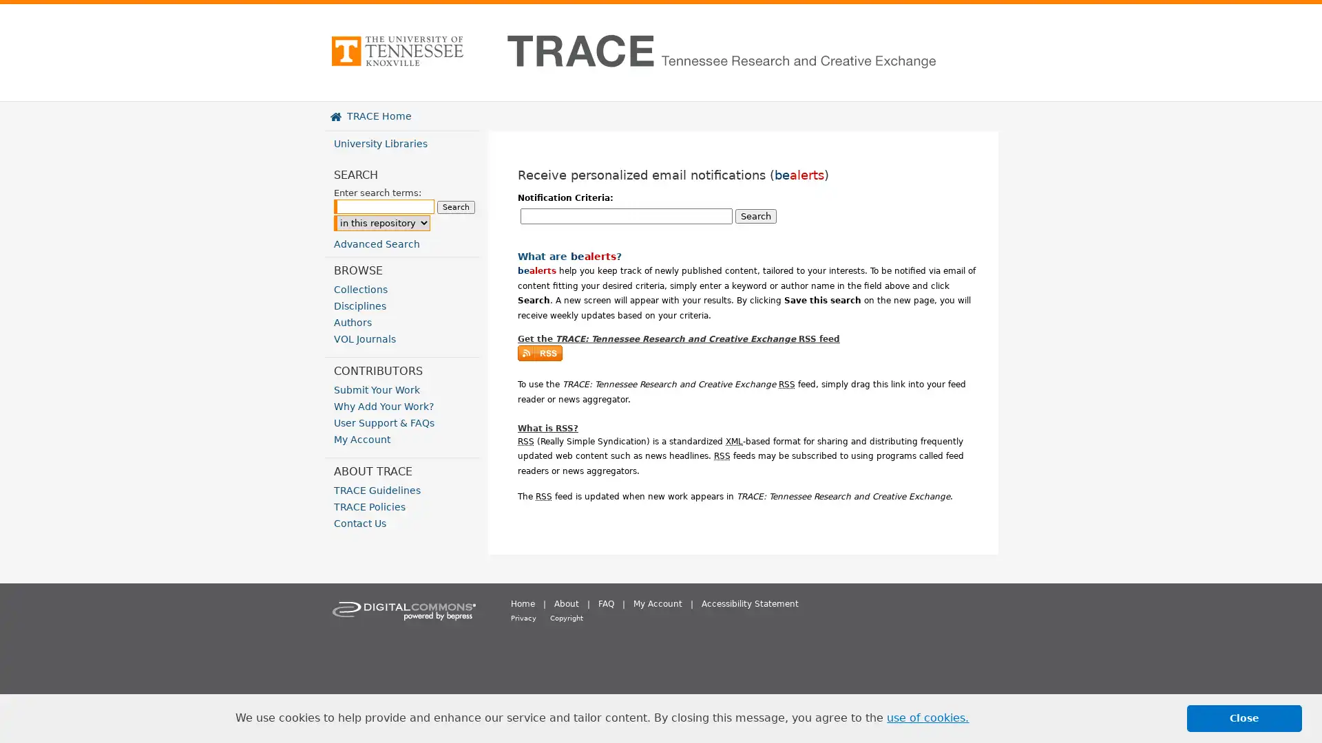 The height and width of the screenshot is (743, 1322). Describe the element at coordinates (927, 718) in the screenshot. I see `learn more about cookies` at that location.